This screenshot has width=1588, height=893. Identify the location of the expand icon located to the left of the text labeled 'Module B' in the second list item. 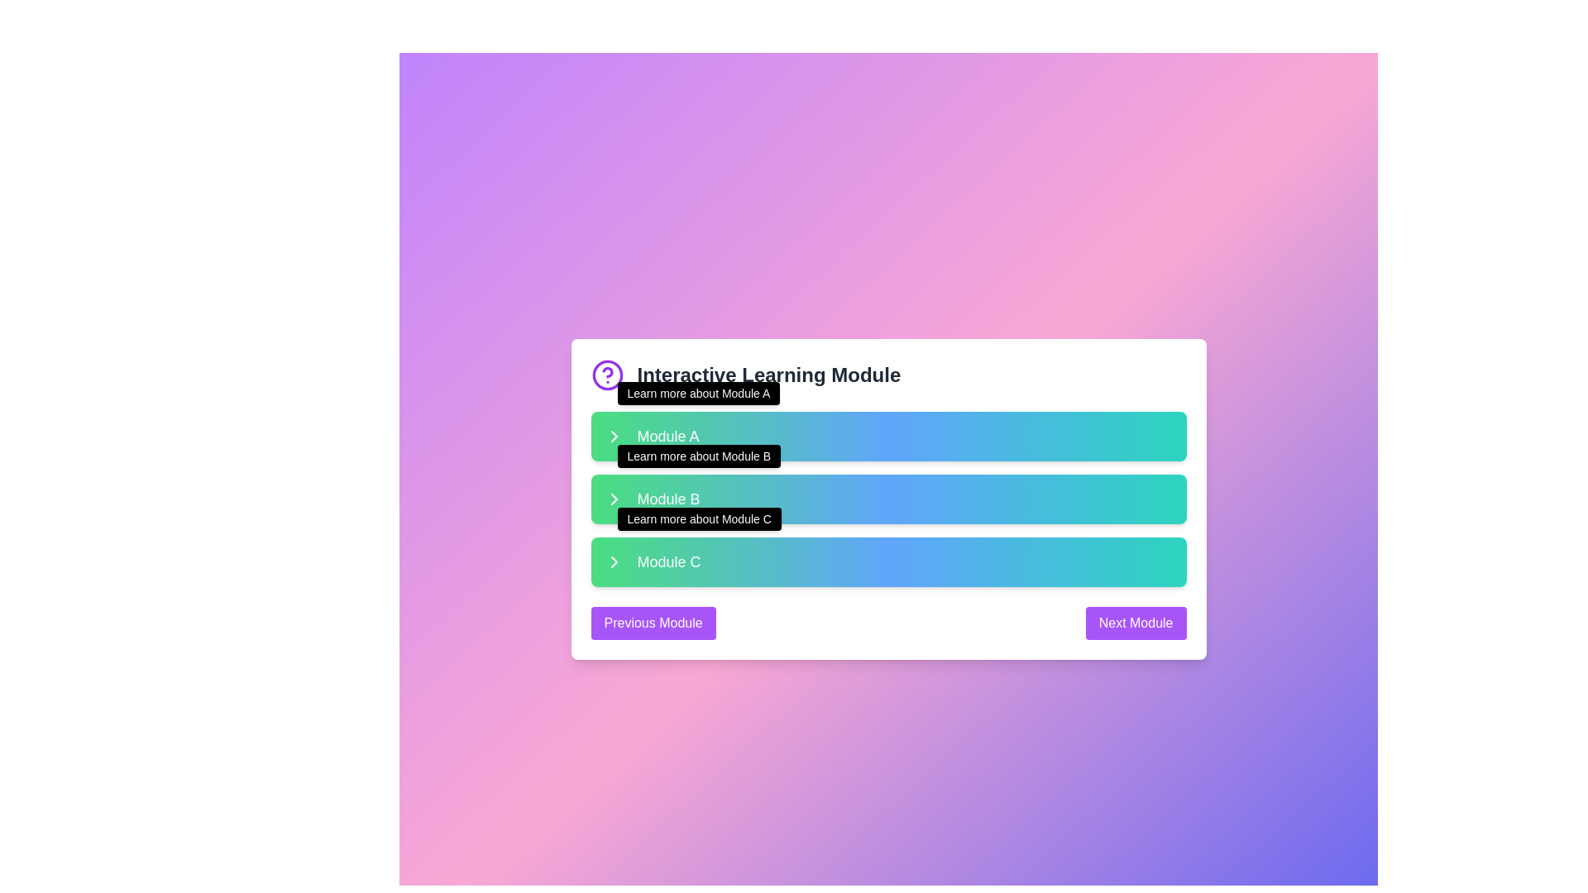
(613, 499).